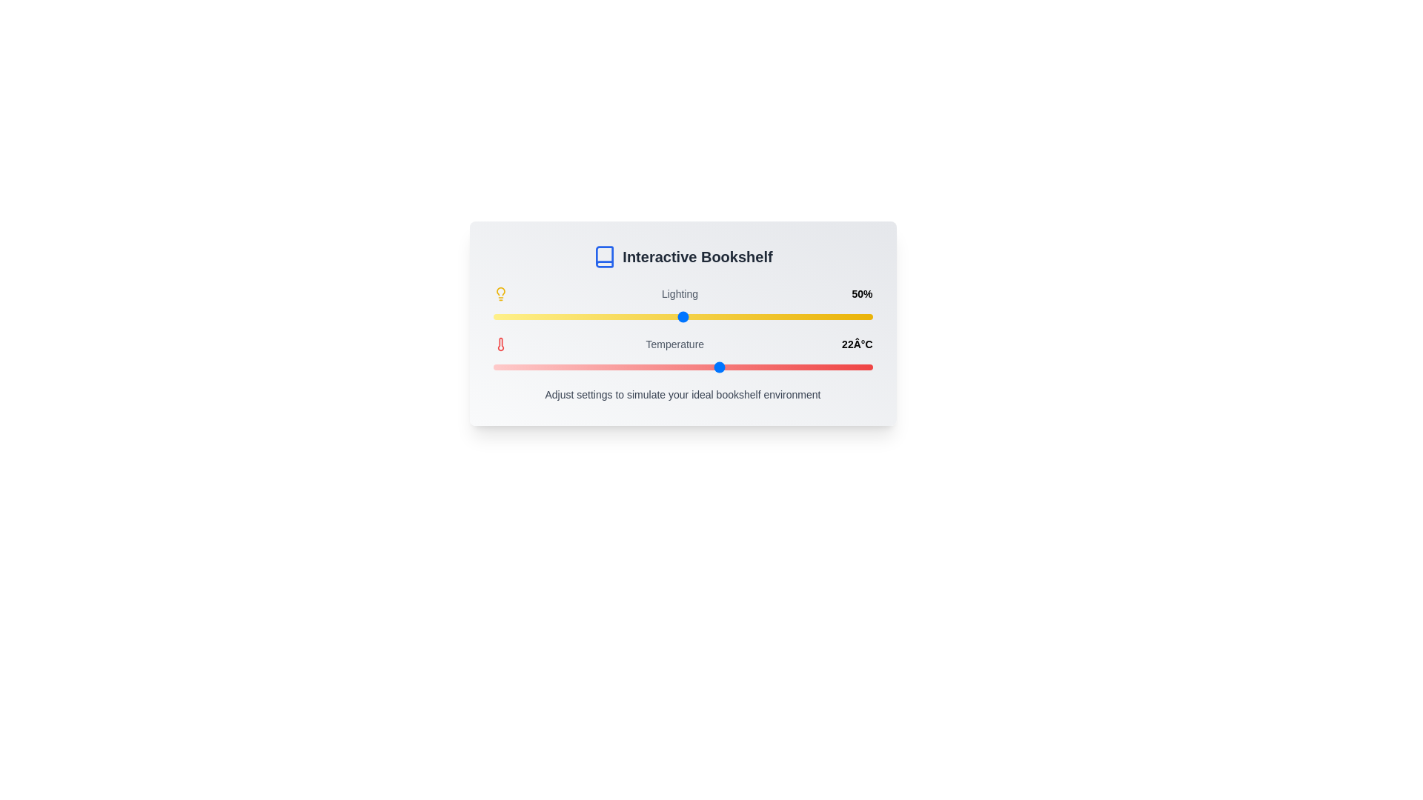 This screenshot has height=800, width=1423. Describe the element at coordinates (701, 316) in the screenshot. I see `the lighting slider to 55%` at that location.